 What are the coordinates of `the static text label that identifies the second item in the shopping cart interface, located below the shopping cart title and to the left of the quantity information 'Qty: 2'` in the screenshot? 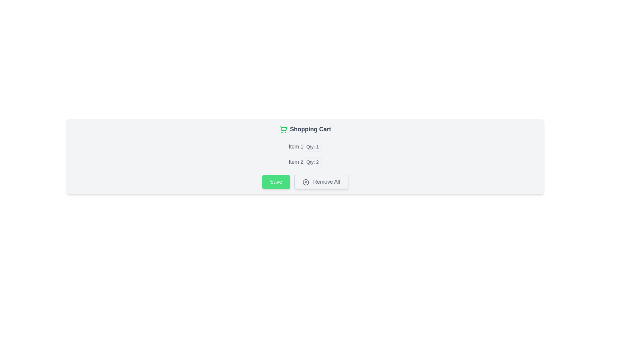 It's located at (296, 162).